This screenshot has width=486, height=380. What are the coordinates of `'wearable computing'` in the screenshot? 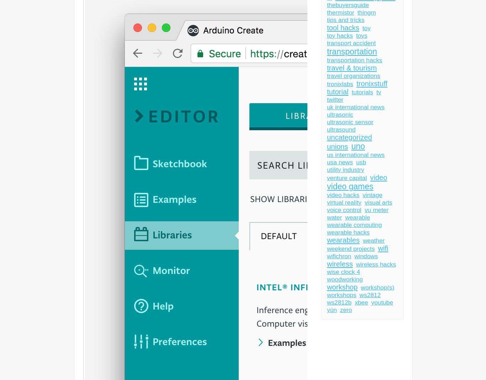 It's located at (354, 225).